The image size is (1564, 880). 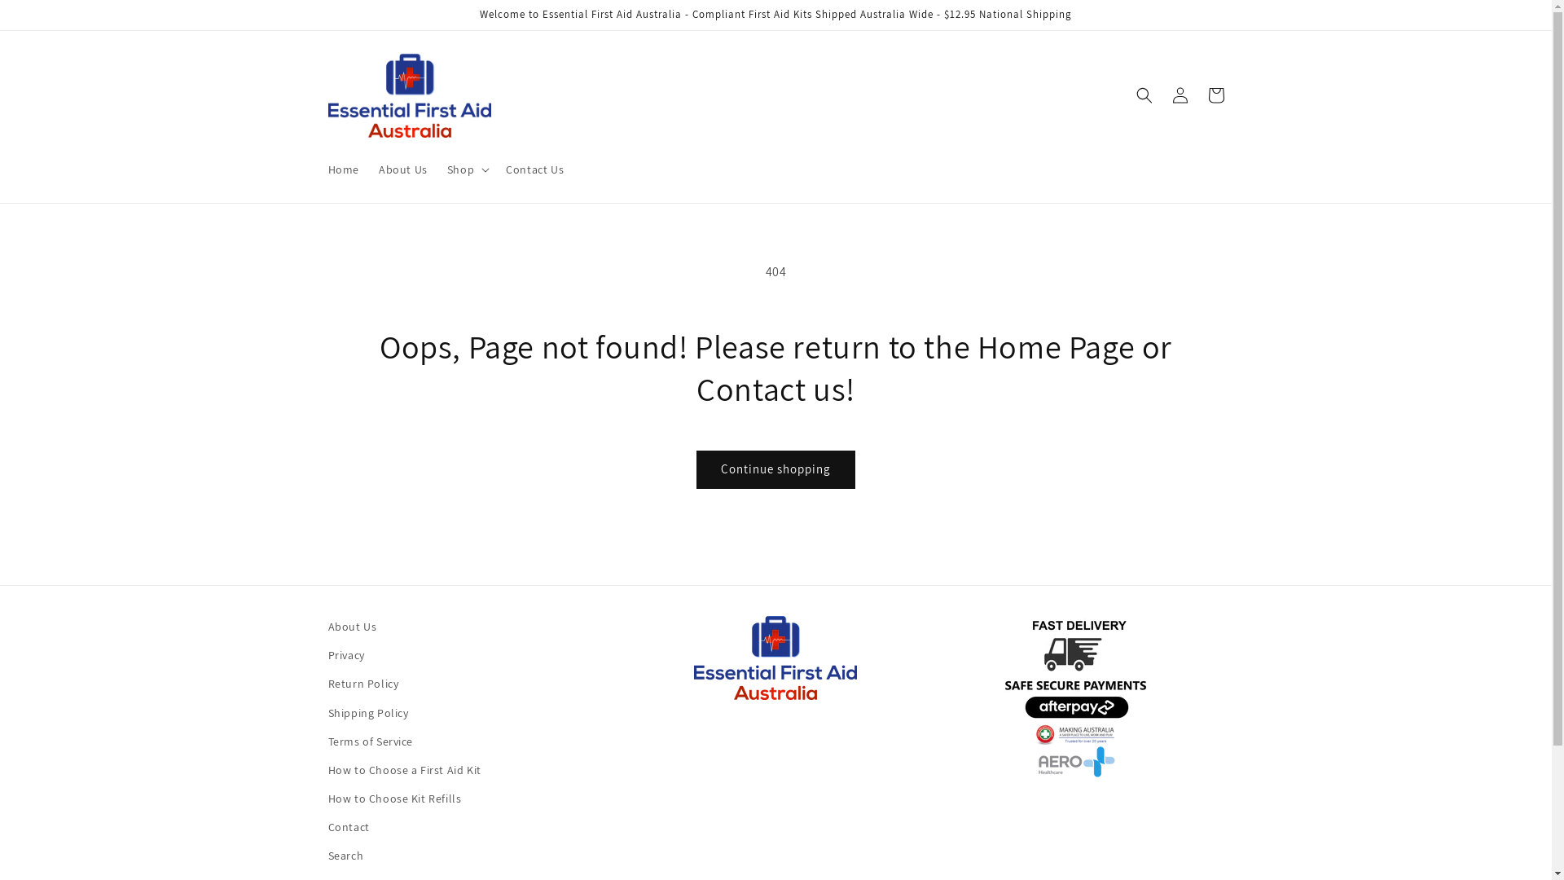 I want to click on 'Log in', so click(x=1180, y=95).